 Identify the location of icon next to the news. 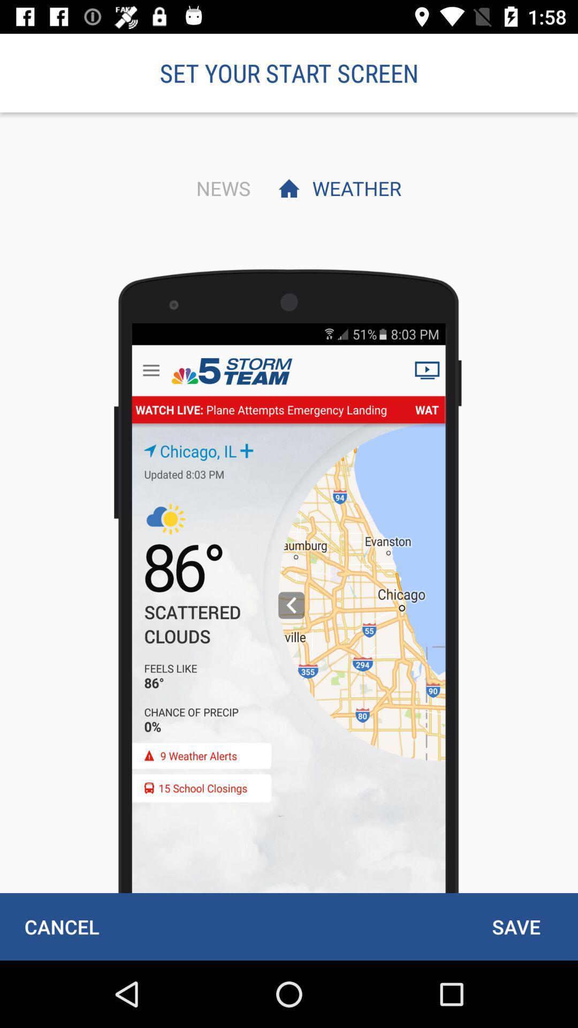
(354, 188).